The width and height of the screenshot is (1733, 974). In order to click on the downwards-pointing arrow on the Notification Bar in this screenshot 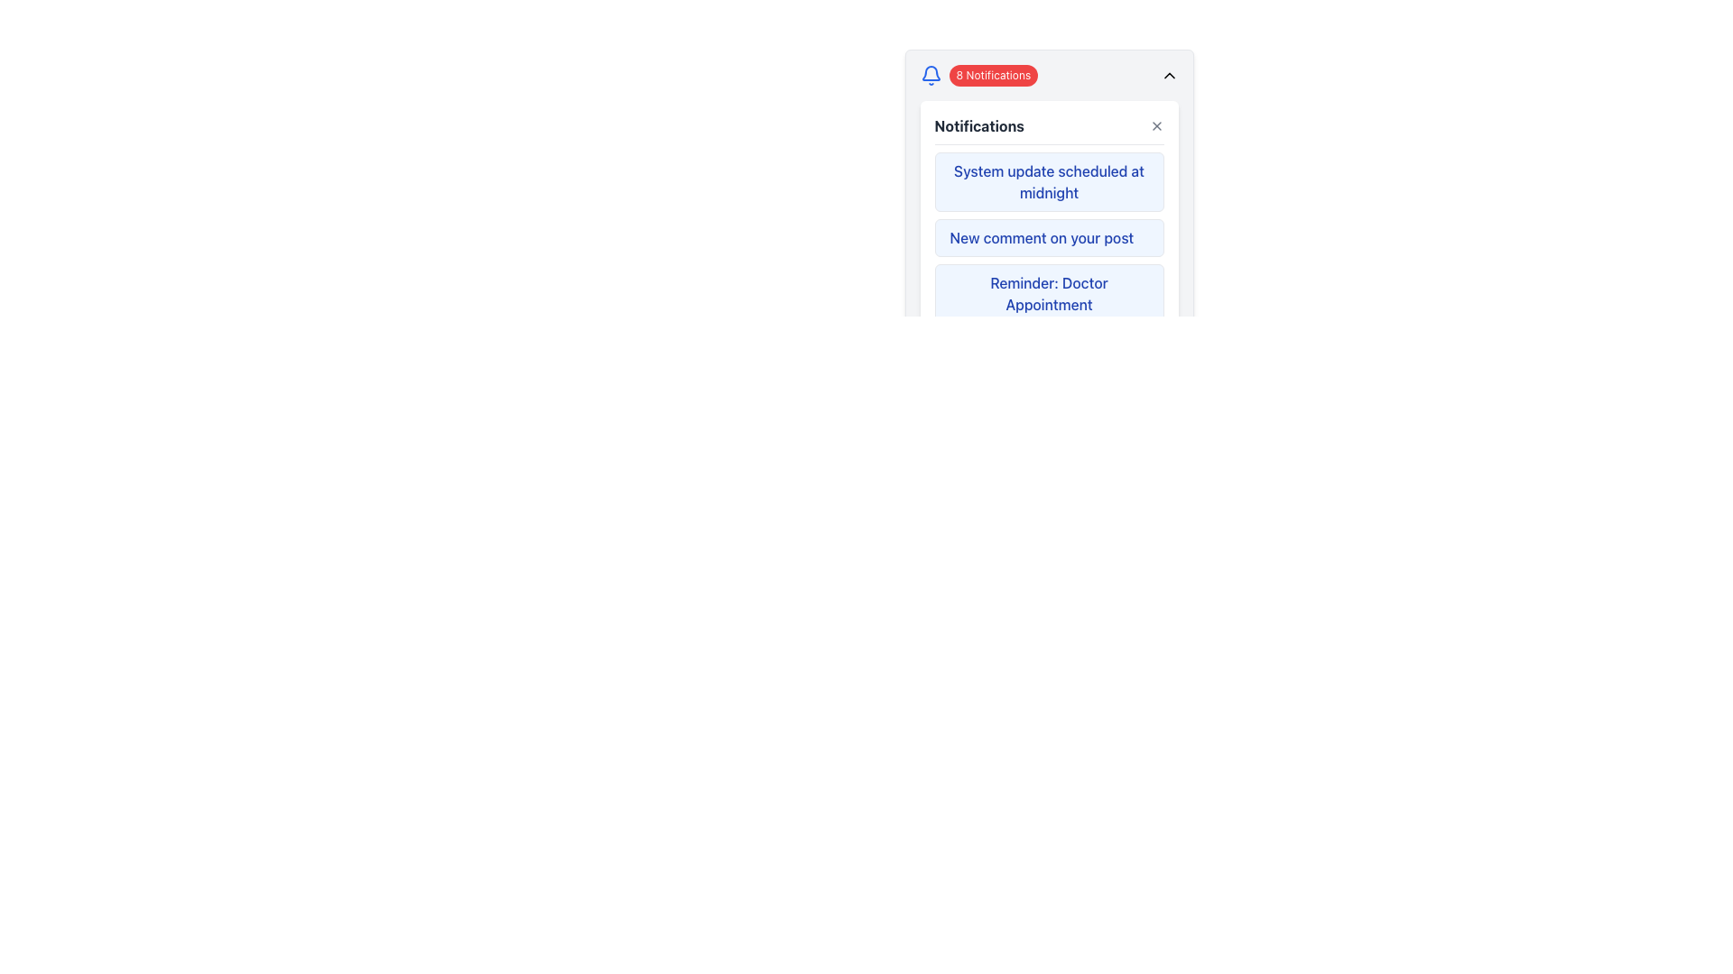, I will do `click(1049, 75)`.